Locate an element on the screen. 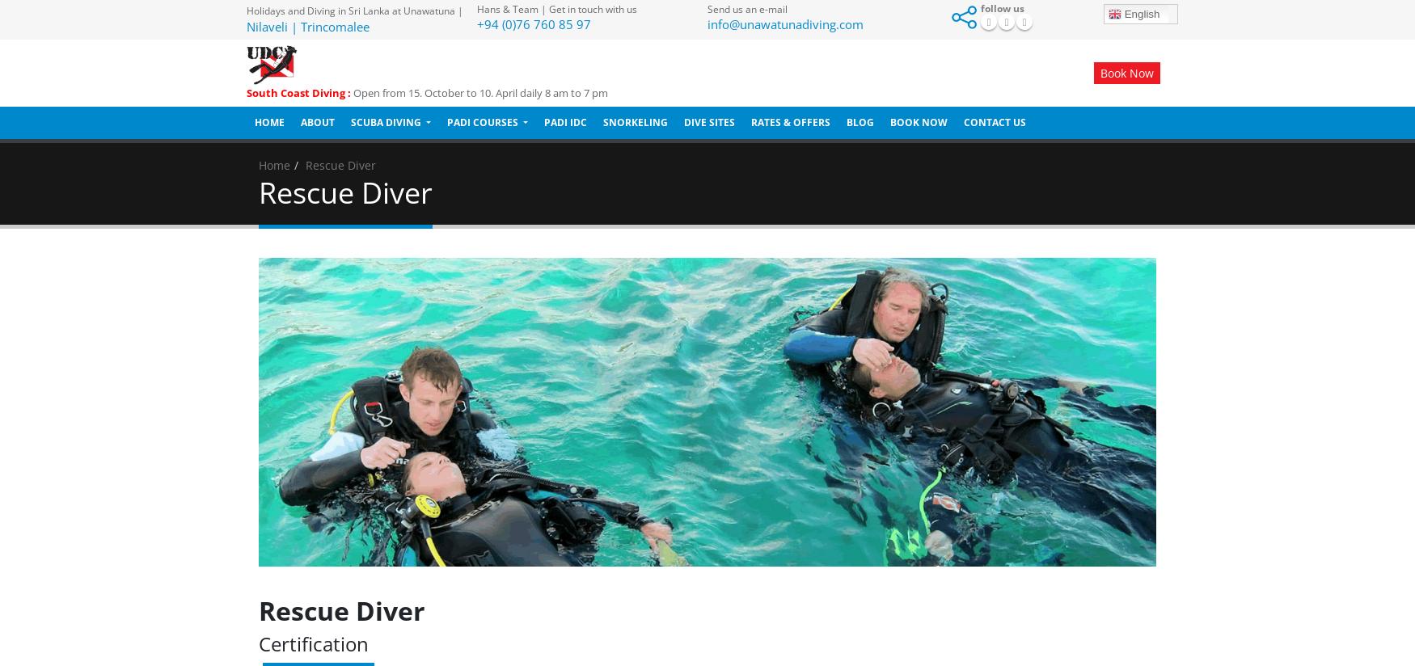 The width and height of the screenshot is (1415, 666). 'Snorkeling' is located at coordinates (603, 121).